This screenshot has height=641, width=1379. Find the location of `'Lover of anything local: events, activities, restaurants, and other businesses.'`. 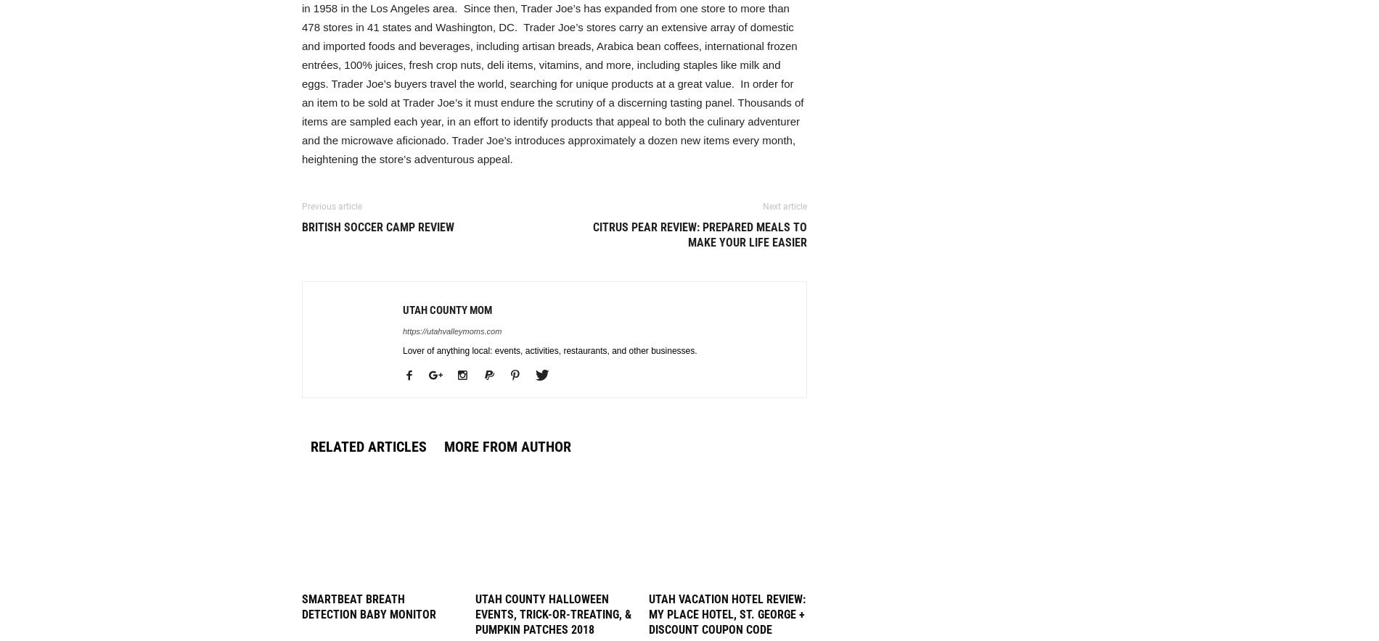

'Lover of anything local: events, activities, restaurants, and other businesses.' is located at coordinates (549, 350).